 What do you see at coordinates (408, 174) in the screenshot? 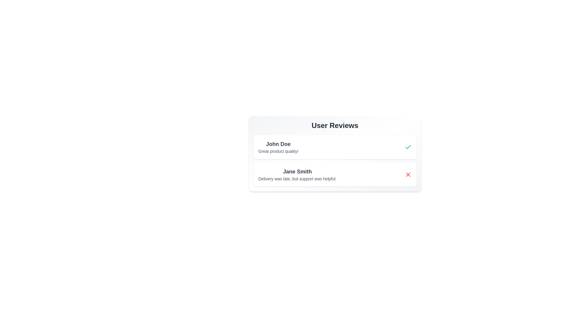
I see `the dismissive icon located` at bounding box center [408, 174].